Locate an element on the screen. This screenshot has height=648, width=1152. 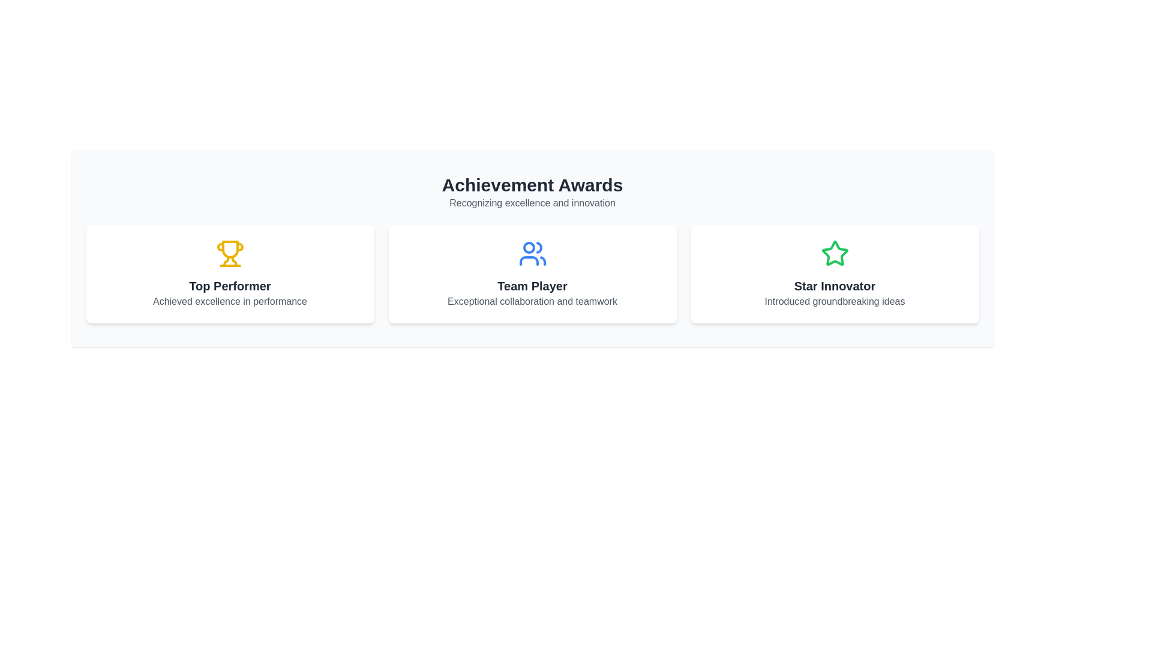
Header text that establishes the theme of the content related to awards or recognitions, positioned above the sibling element with the text 'Recognizing excellence and innovation' is located at coordinates (532, 185).